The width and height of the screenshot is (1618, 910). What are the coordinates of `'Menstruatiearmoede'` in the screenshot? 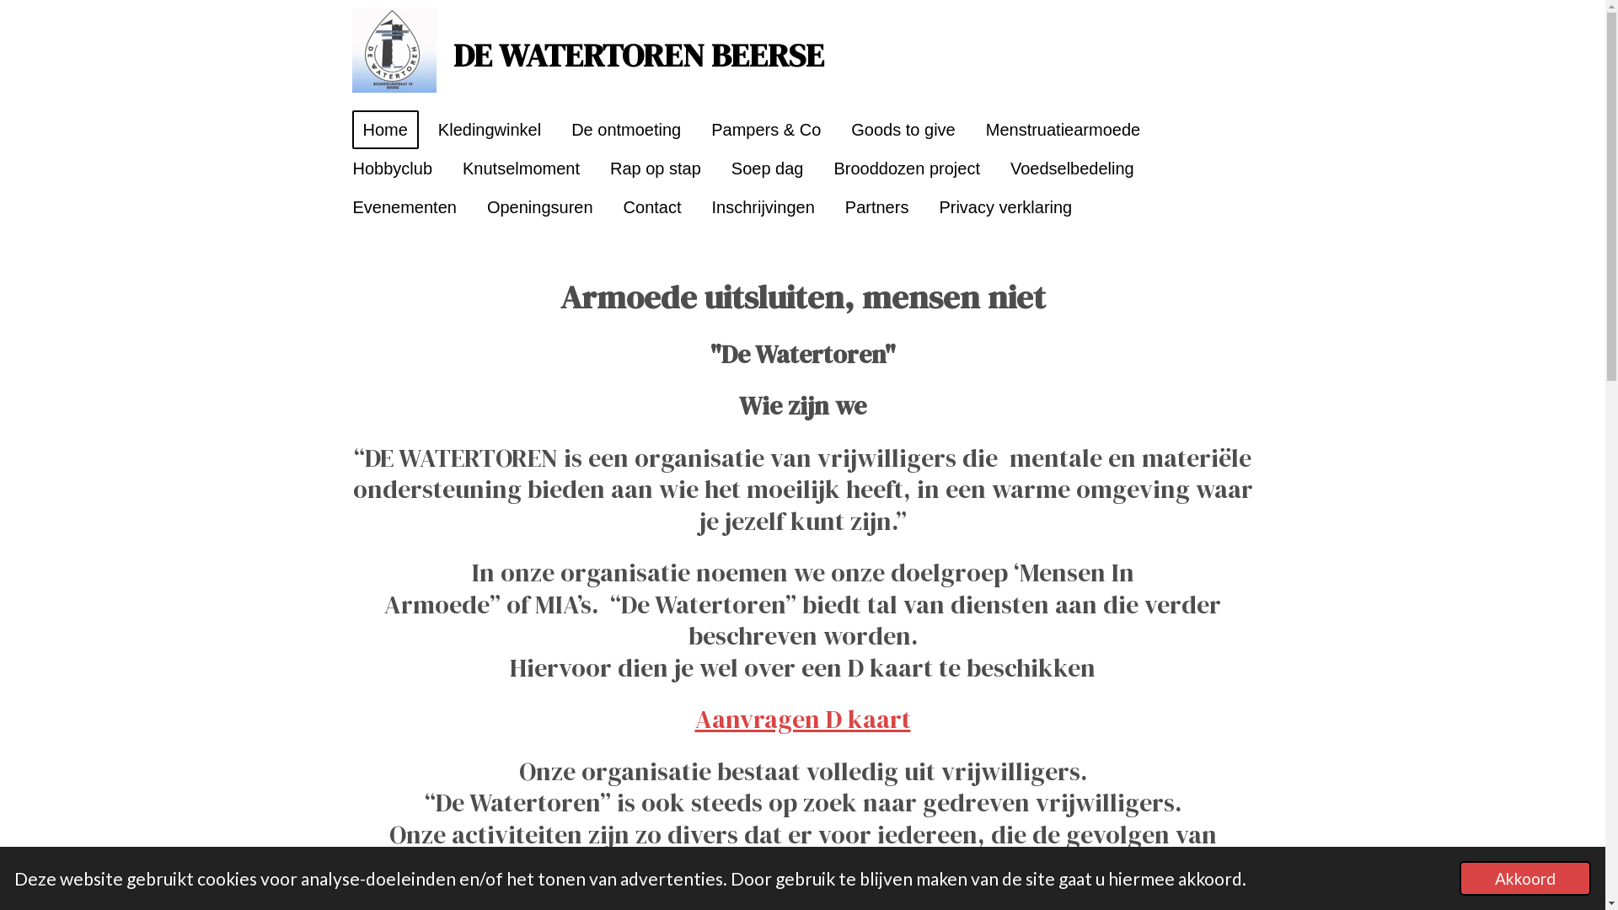 It's located at (1062, 129).